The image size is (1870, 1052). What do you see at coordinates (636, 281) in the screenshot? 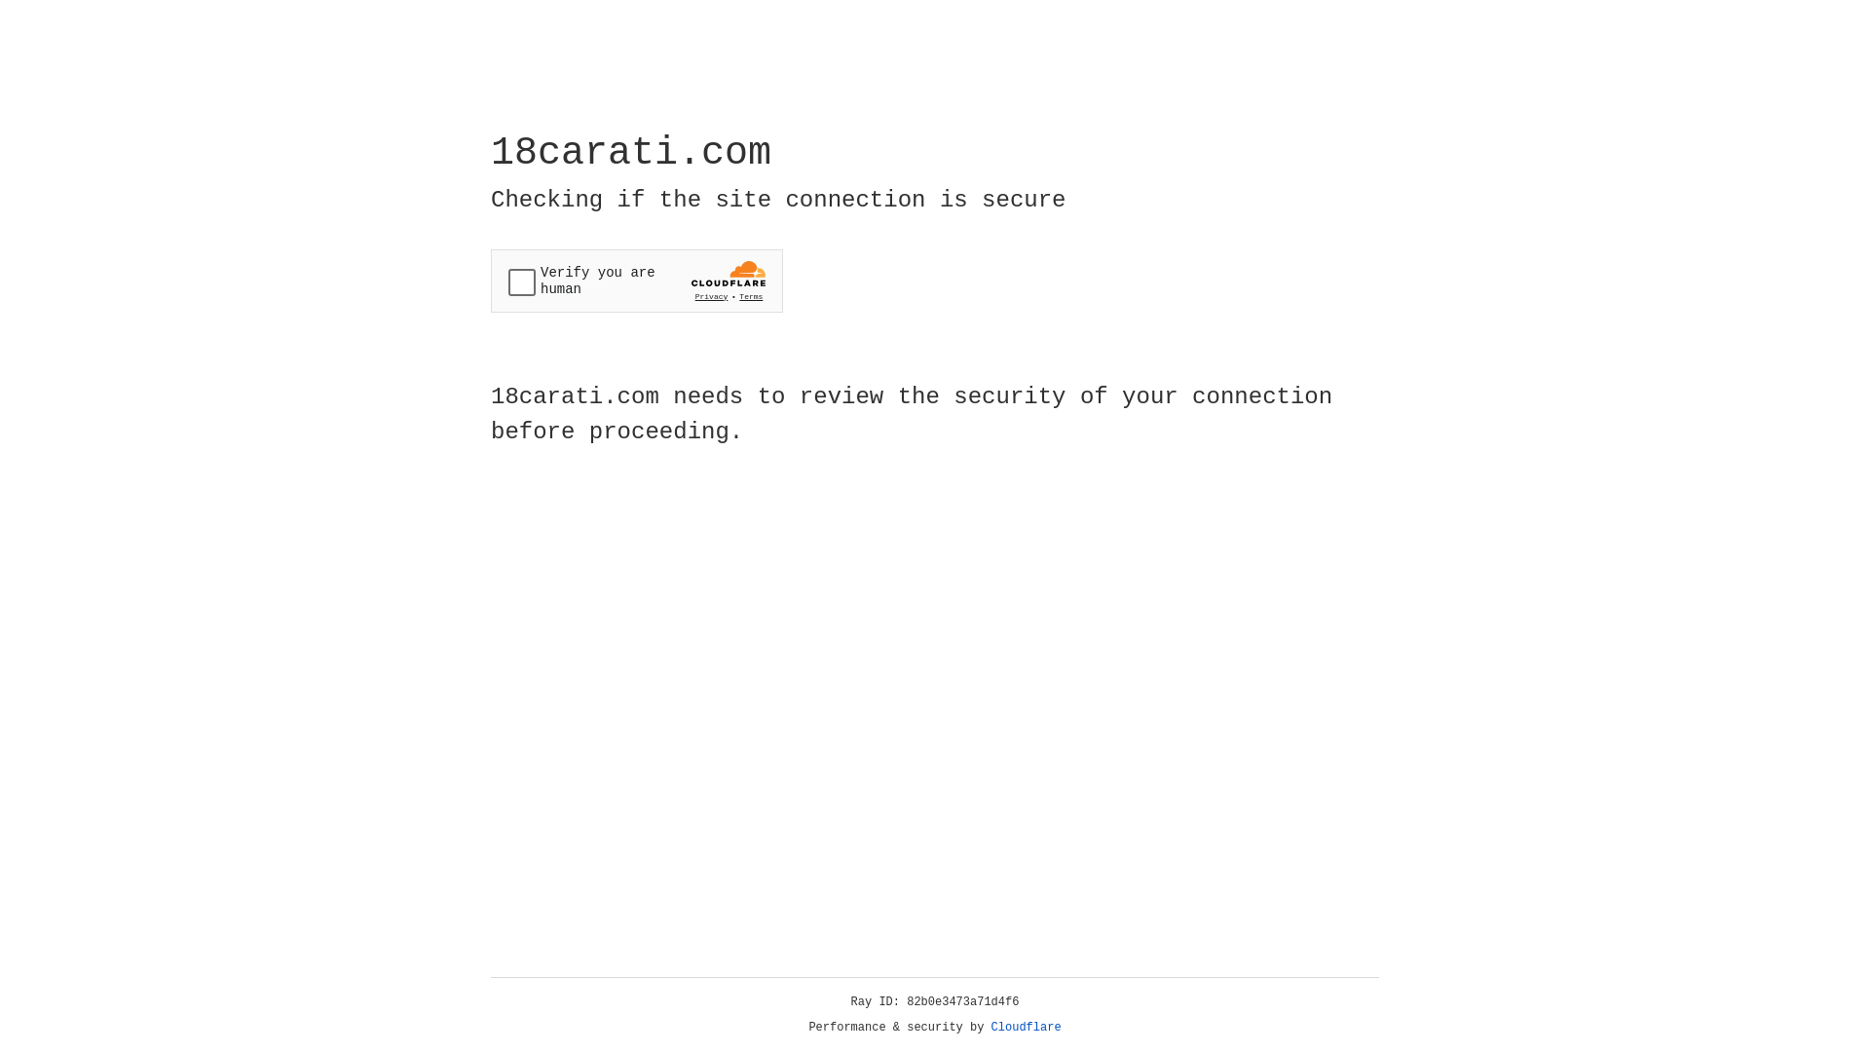
I see `'Widget containing a Cloudflare security challenge'` at bounding box center [636, 281].